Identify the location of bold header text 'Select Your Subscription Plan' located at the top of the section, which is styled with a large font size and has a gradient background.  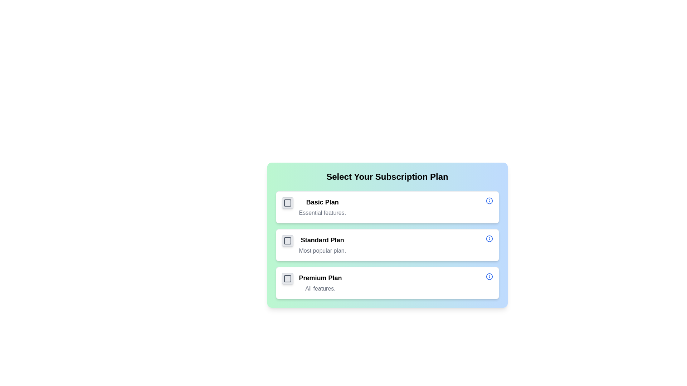
(387, 177).